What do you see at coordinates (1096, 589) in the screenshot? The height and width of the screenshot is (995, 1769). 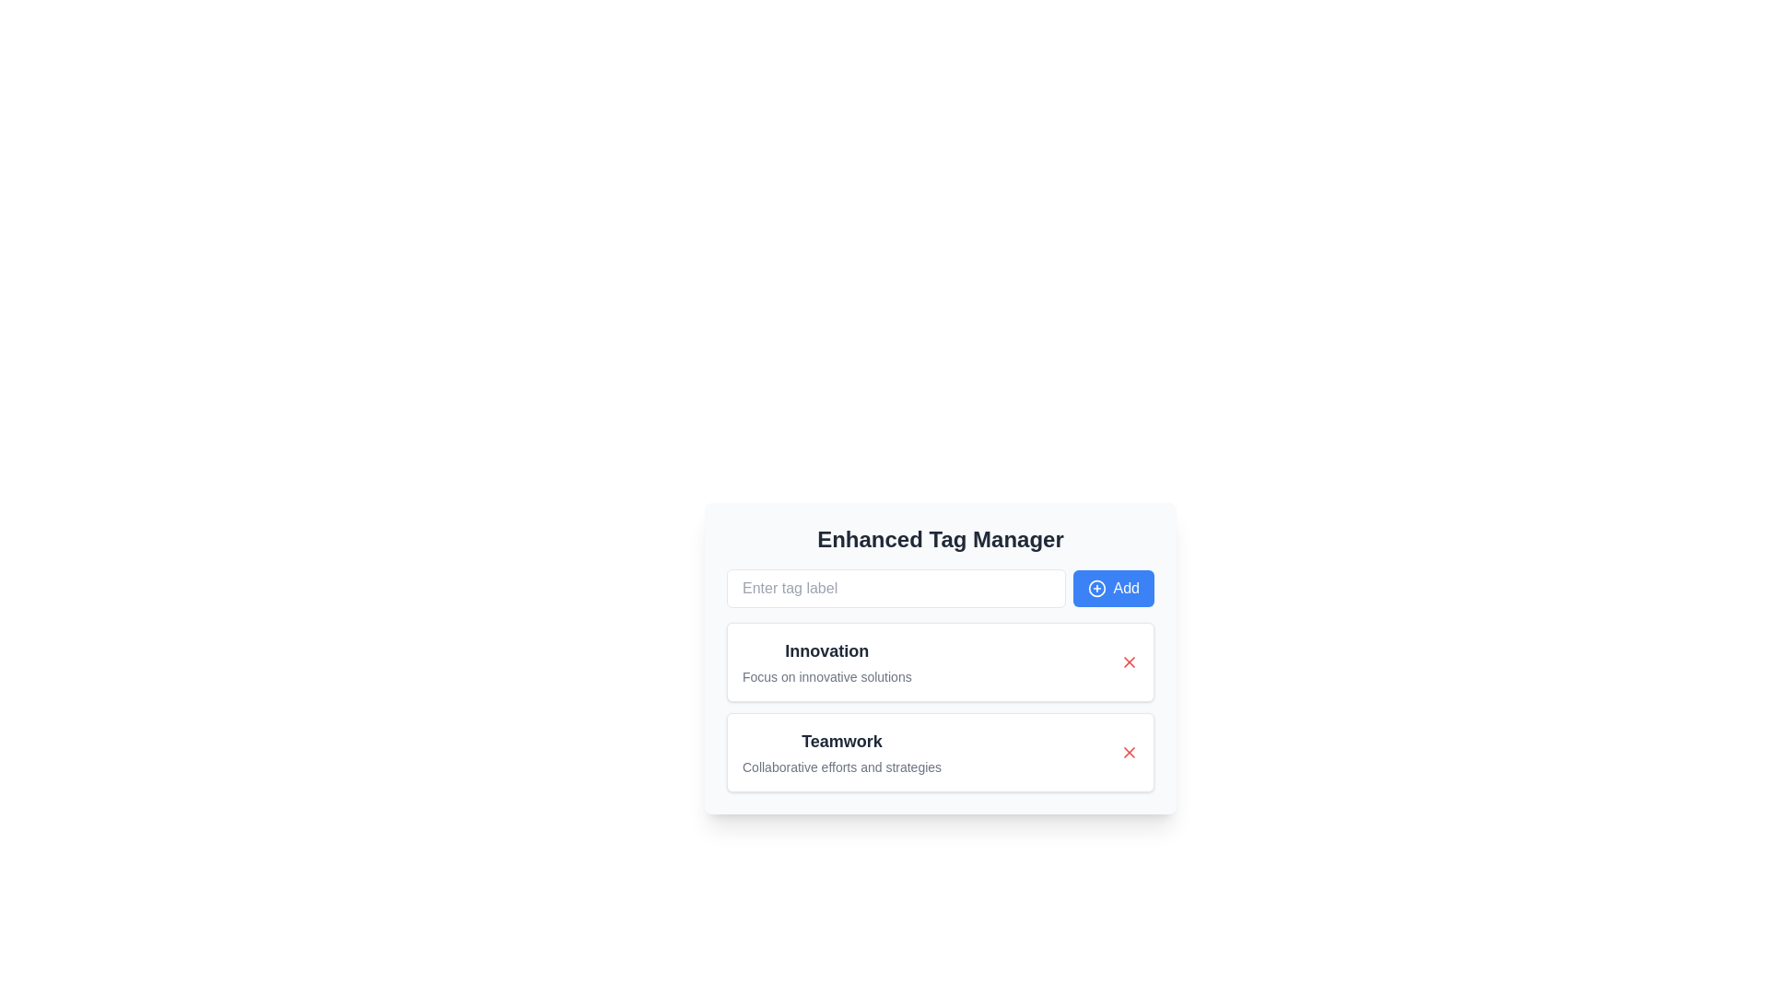 I see `the graphical icon, which is a circle with a plus icon, located to the right of the input field labeled 'Enter tag label'` at bounding box center [1096, 589].